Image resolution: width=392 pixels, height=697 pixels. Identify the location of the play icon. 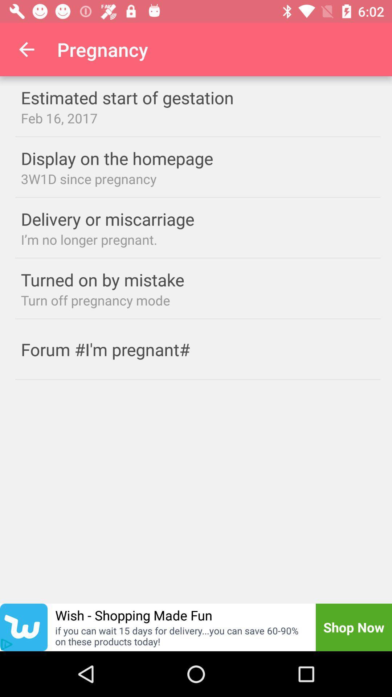
(7, 644).